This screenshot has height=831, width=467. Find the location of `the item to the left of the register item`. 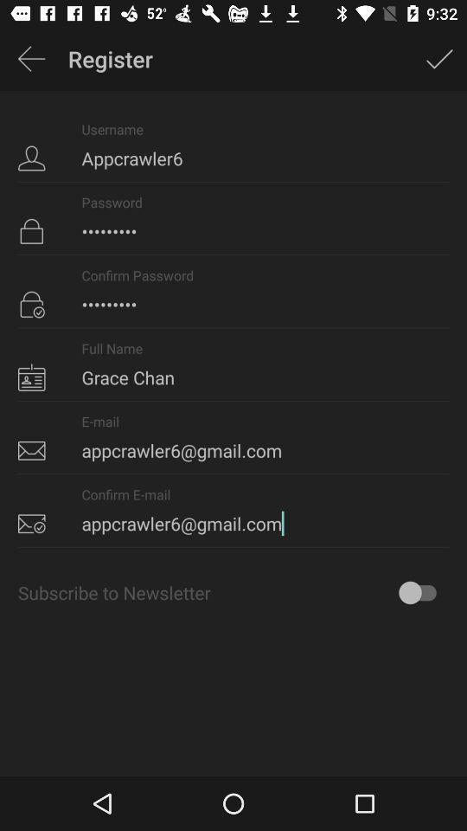

the item to the left of the register item is located at coordinates (31, 59).